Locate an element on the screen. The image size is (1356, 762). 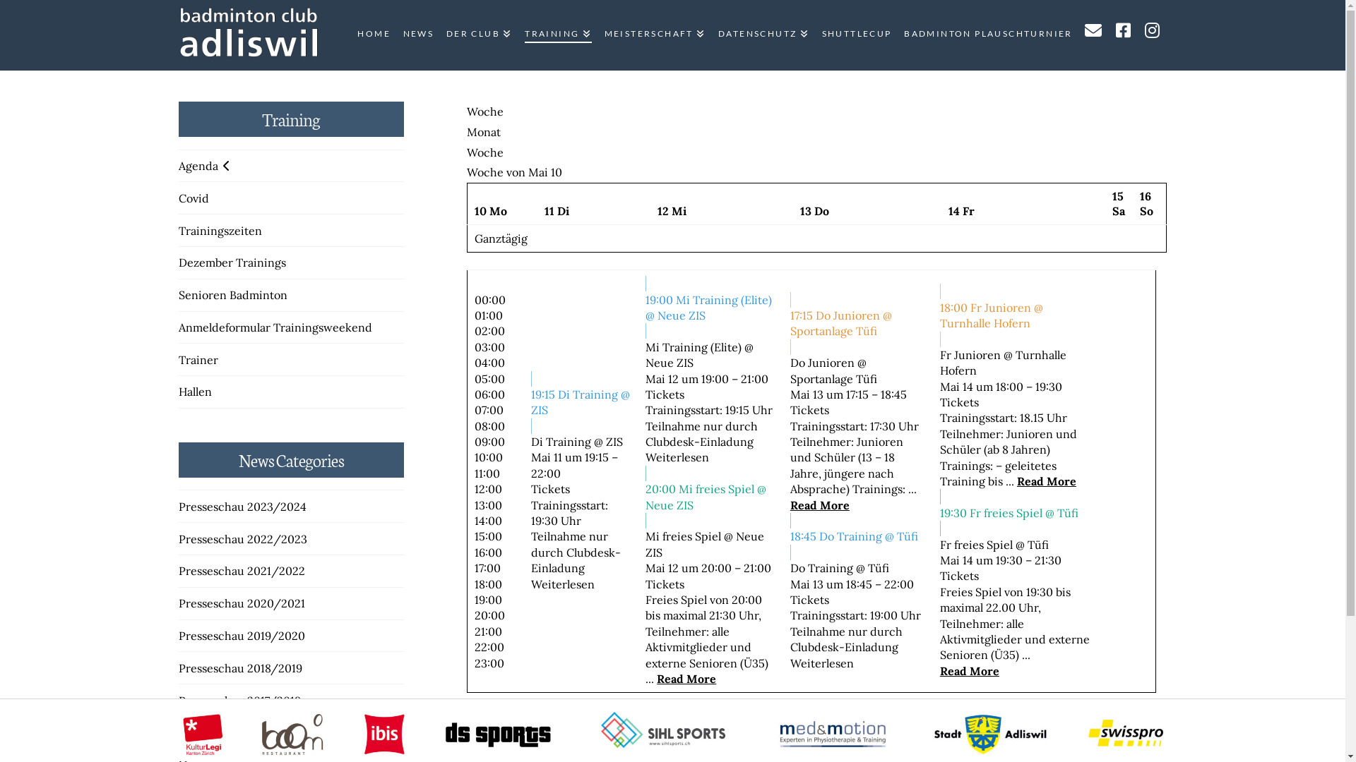
'Mi Training (Elite)' is located at coordinates (694, 347).